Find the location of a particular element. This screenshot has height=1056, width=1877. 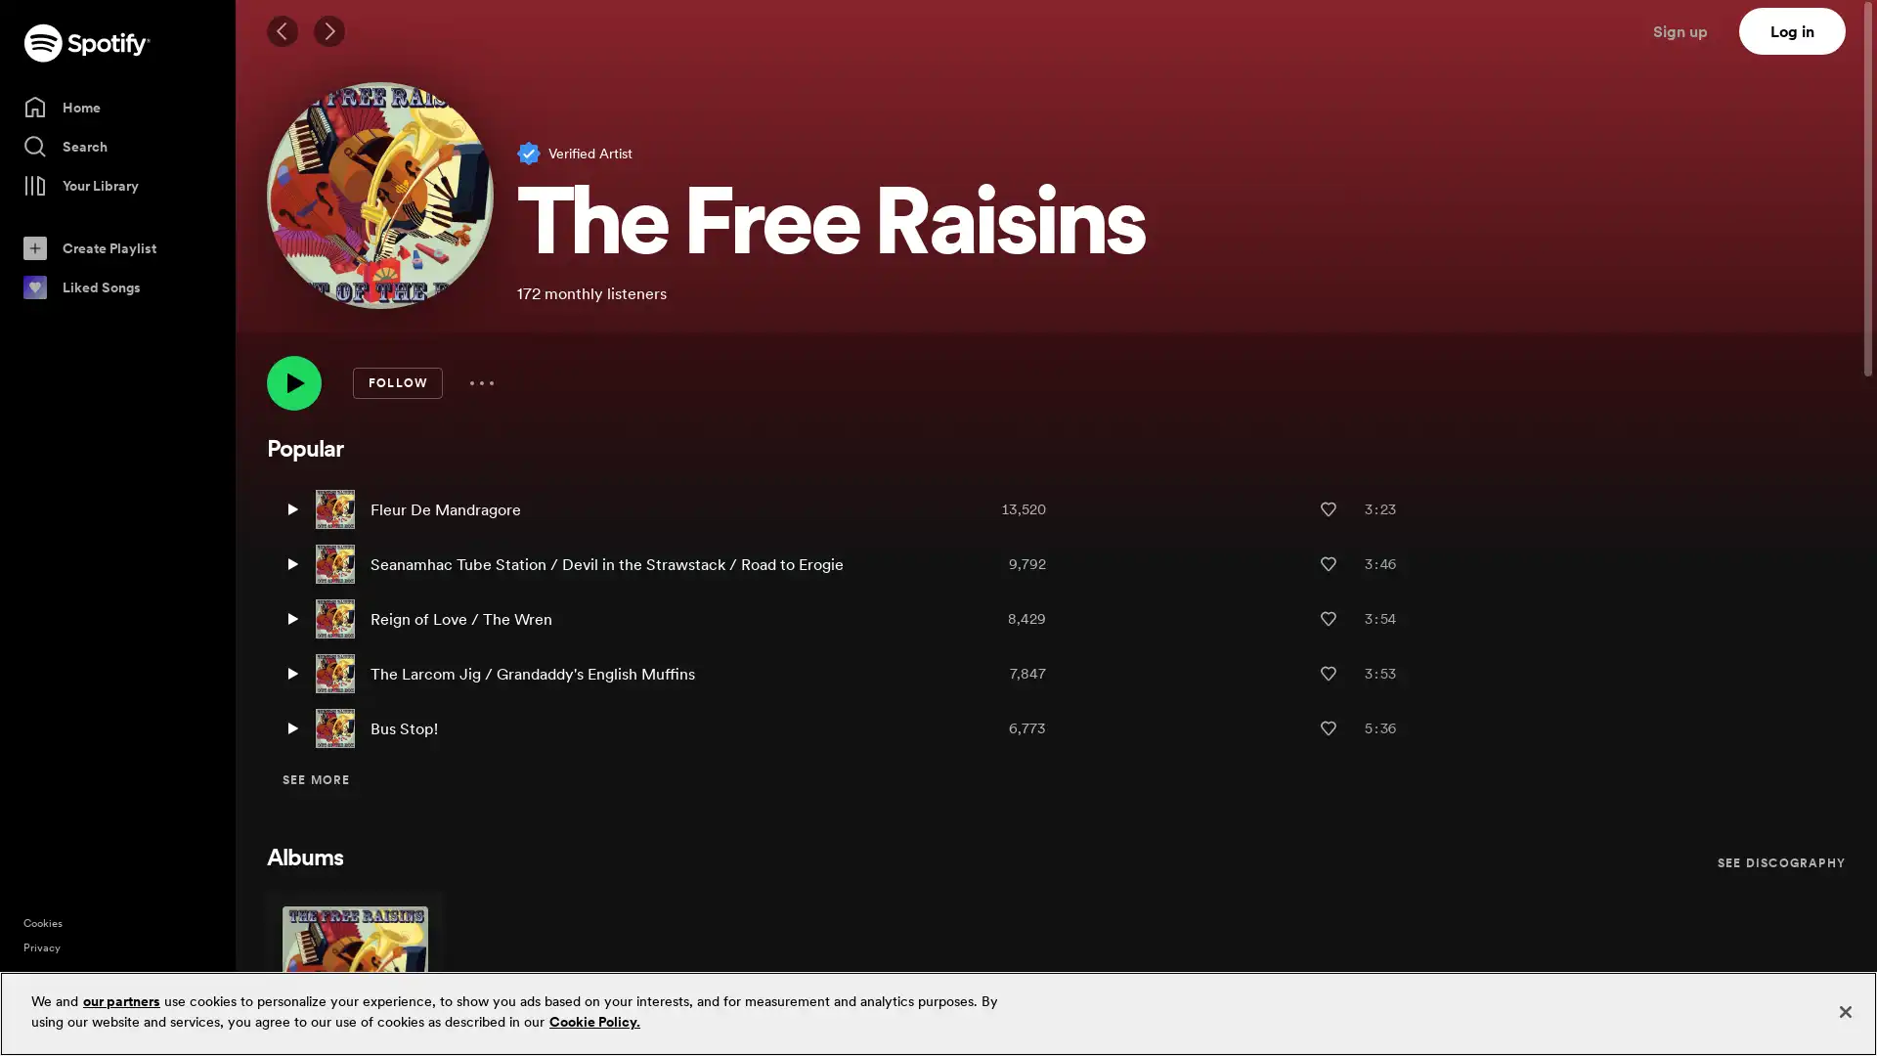

SEE MORE is located at coordinates (316, 779).